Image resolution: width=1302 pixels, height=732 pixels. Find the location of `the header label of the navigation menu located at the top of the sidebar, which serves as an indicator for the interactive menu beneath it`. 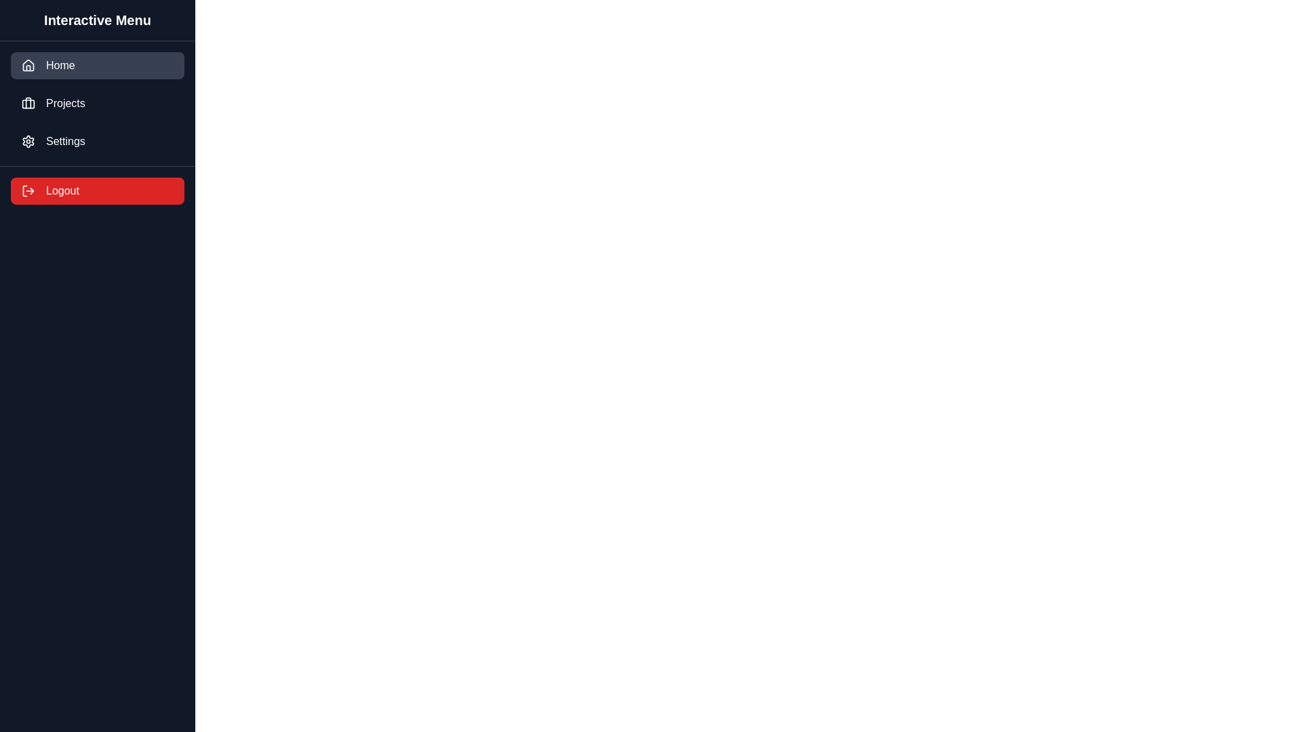

the header label of the navigation menu located at the top of the sidebar, which serves as an indicator for the interactive menu beneath it is located at coordinates (97, 20).